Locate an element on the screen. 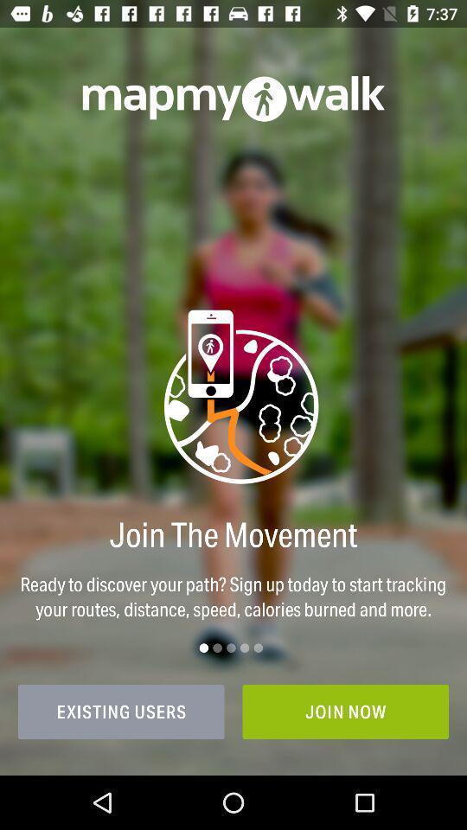 The image size is (467, 830). join now icon is located at coordinates (345, 712).